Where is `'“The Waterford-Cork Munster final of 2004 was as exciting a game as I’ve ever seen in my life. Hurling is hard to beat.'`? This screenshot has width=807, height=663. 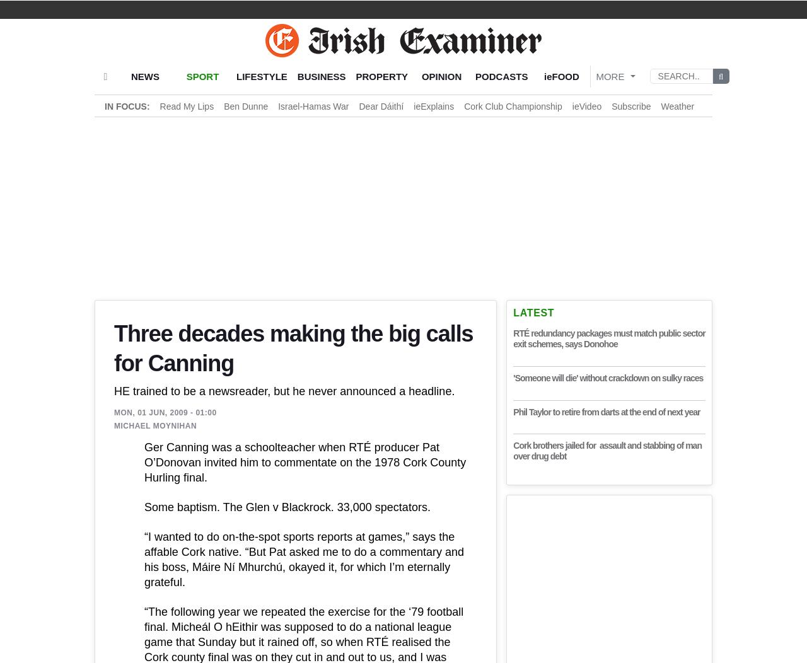
'“The Waterford-Cork Munster final of 2004 was as exciting a game as I’ve ever seen in my life. Hurling is hard to beat.' is located at coordinates (294, 356).